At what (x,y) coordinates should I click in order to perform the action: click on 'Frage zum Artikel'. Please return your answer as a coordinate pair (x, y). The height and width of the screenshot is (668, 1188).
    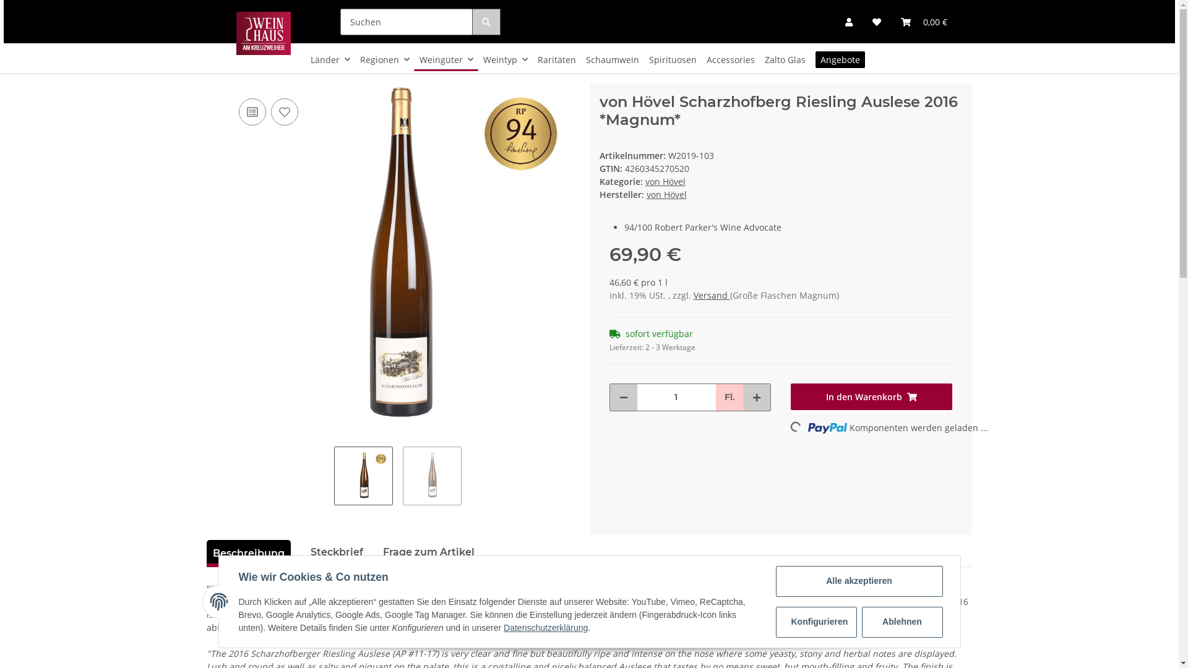
    Looking at the image, I should click on (428, 552).